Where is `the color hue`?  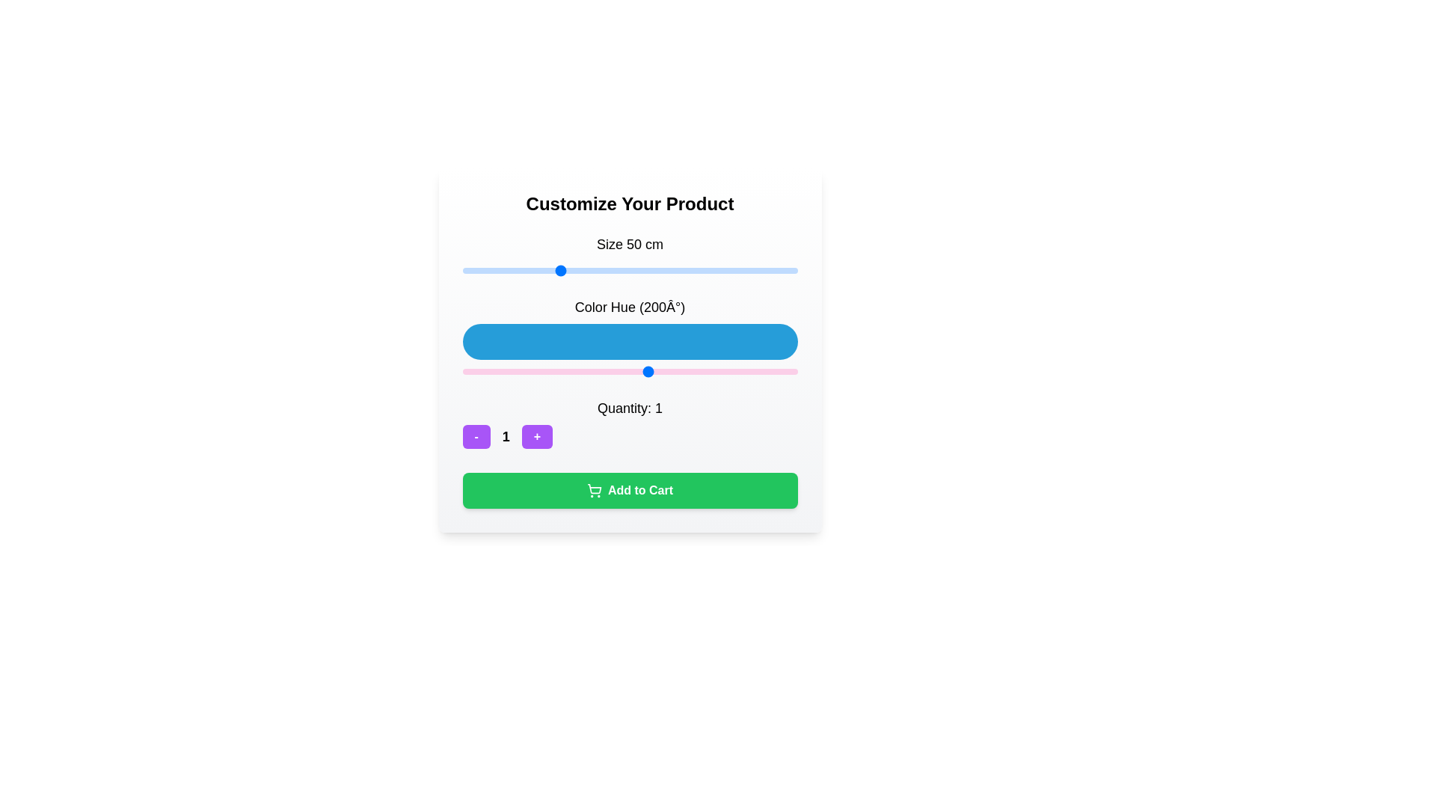
the color hue is located at coordinates (527, 371).